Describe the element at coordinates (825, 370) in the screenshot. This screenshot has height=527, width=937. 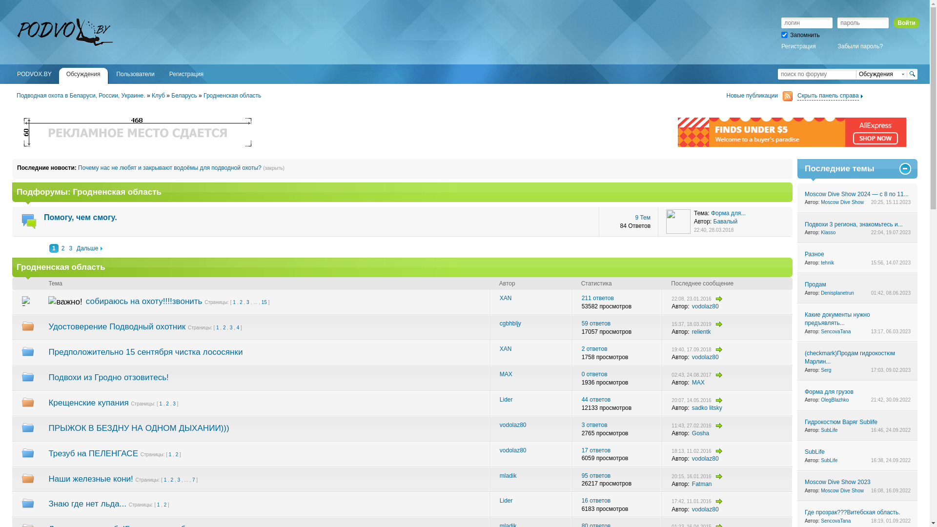
I see `'Serg'` at that location.